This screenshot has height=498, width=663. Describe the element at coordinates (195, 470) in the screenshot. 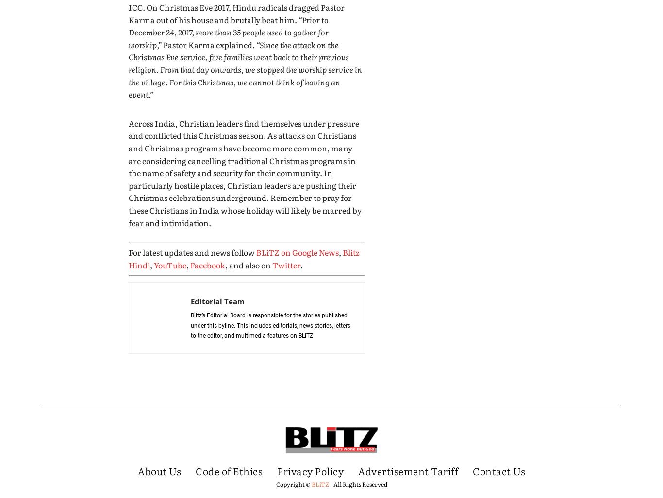

I see `'Code of Ethics'` at that location.